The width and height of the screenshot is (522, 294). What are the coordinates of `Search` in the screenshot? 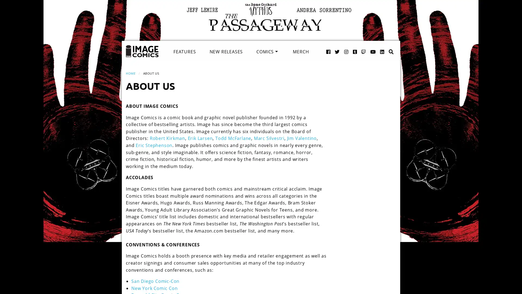 It's located at (385, 46).